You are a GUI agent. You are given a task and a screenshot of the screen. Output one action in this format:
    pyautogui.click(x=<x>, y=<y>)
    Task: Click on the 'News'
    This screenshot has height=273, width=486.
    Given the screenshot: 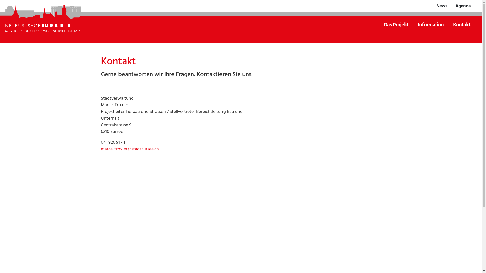 What is the action you would take?
    pyautogui.click(x=441, y=6)
    